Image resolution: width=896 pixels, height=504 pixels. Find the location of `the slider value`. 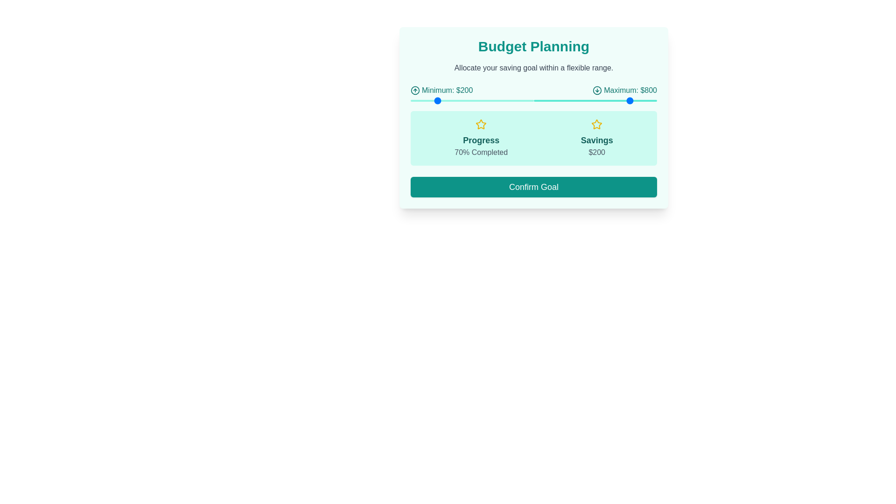

the slider value is located at coordinates (439, 101).